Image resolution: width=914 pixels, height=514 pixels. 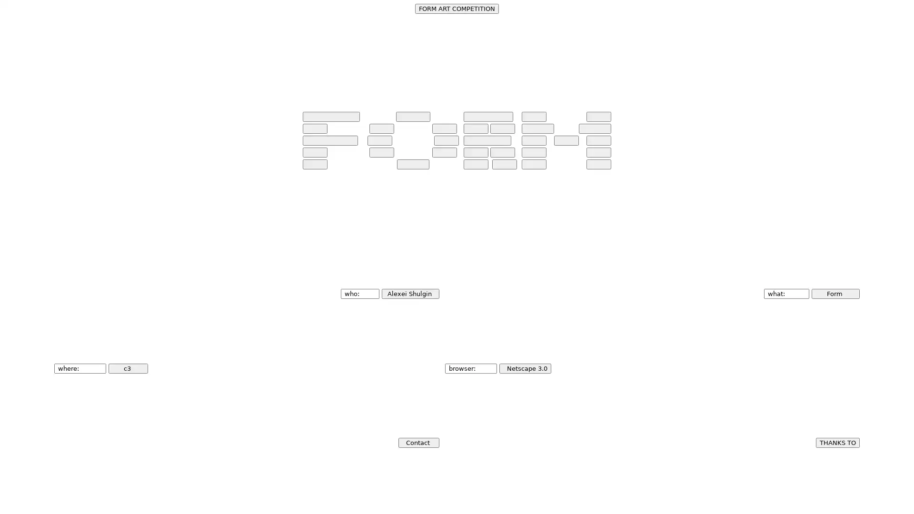 What do you see at coordinates (835, 293) in the screenshot?
I see `Form` at bounding box center [835, 293].